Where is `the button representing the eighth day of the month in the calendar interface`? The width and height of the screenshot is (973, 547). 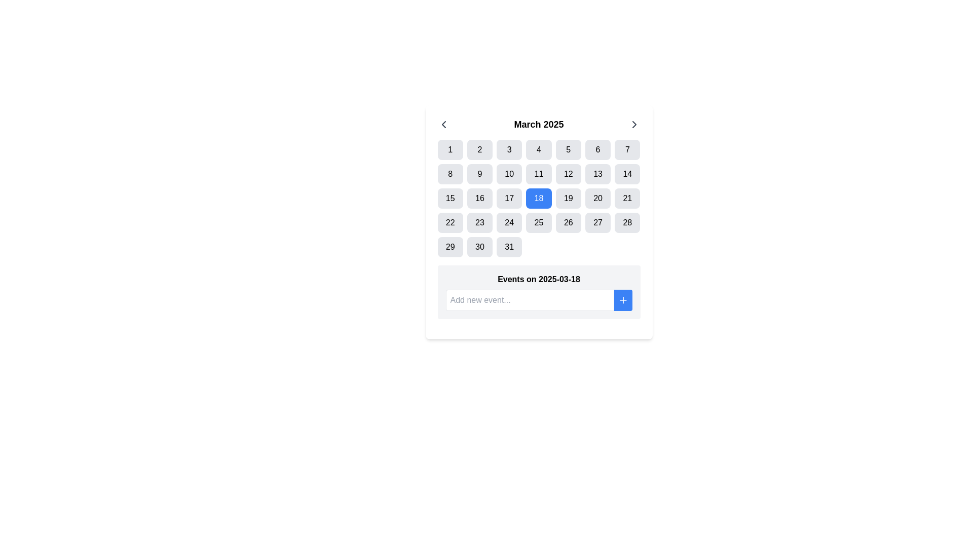
the button representing the eighth day of the month in the calendar interface is located at coordinates (450, 173).